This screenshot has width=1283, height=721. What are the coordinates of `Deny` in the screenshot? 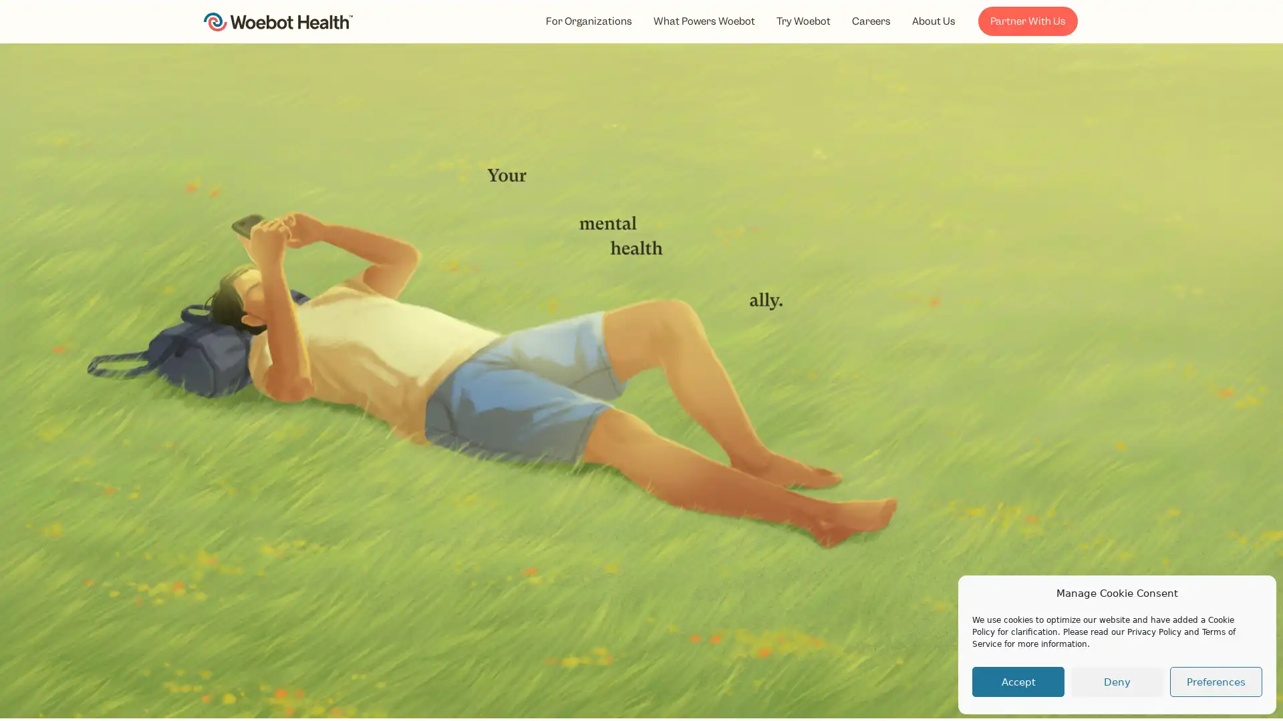 It's located at (1117, 682).